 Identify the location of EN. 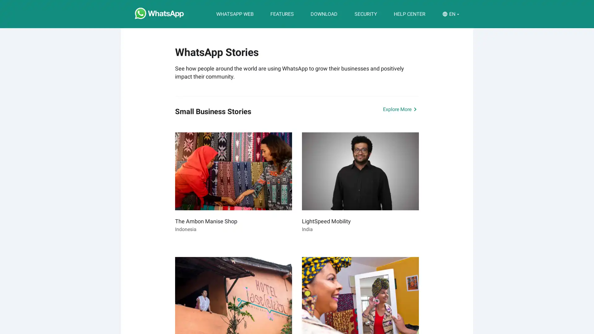
(451, 14).